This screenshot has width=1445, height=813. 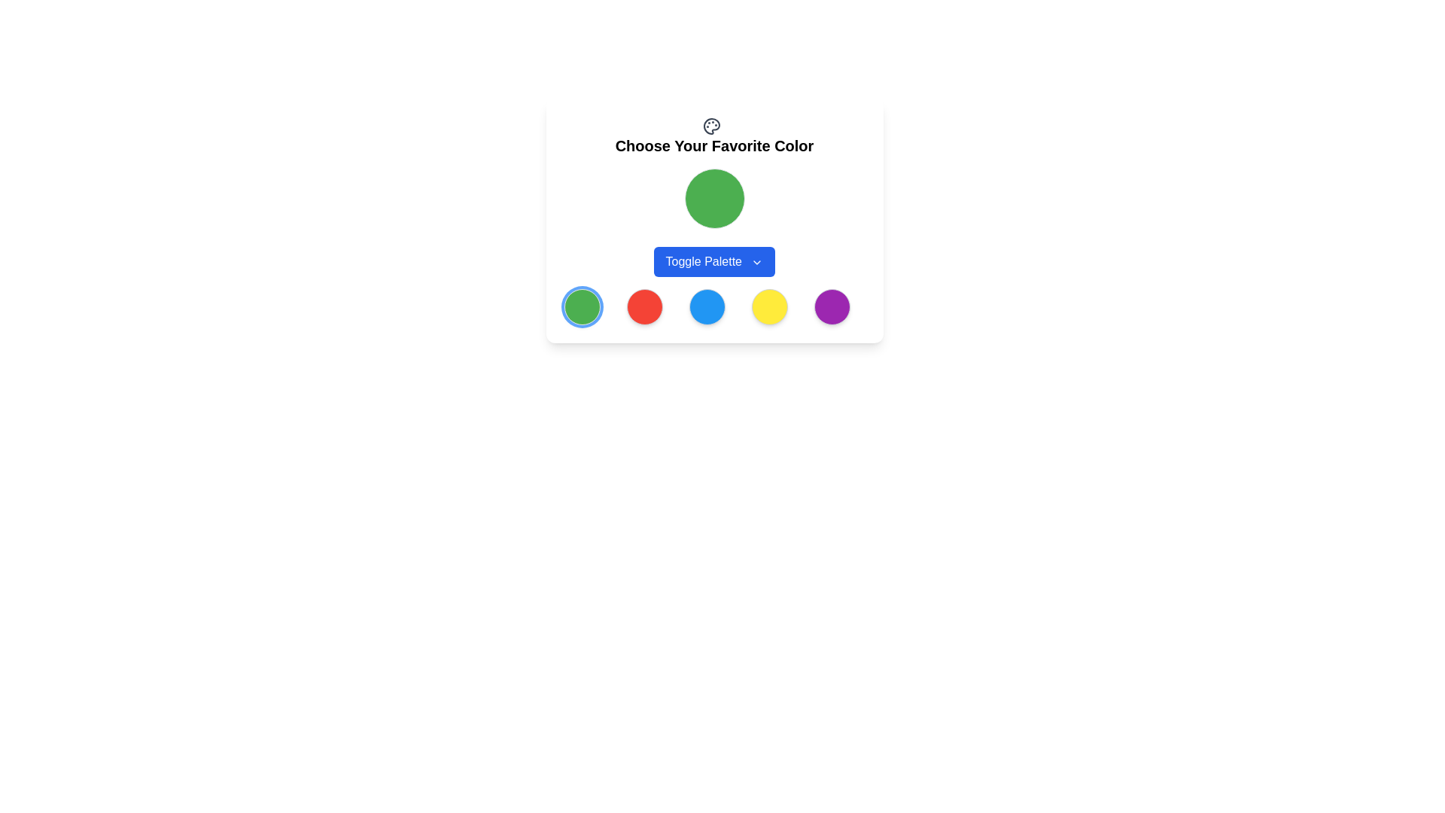 What do you see at coordinates (713, 260) in the screenshot?
I see `the button that activates or deactivates the color palette, located below a green circular element and above a row of colors` at bounding box center [713, 260].